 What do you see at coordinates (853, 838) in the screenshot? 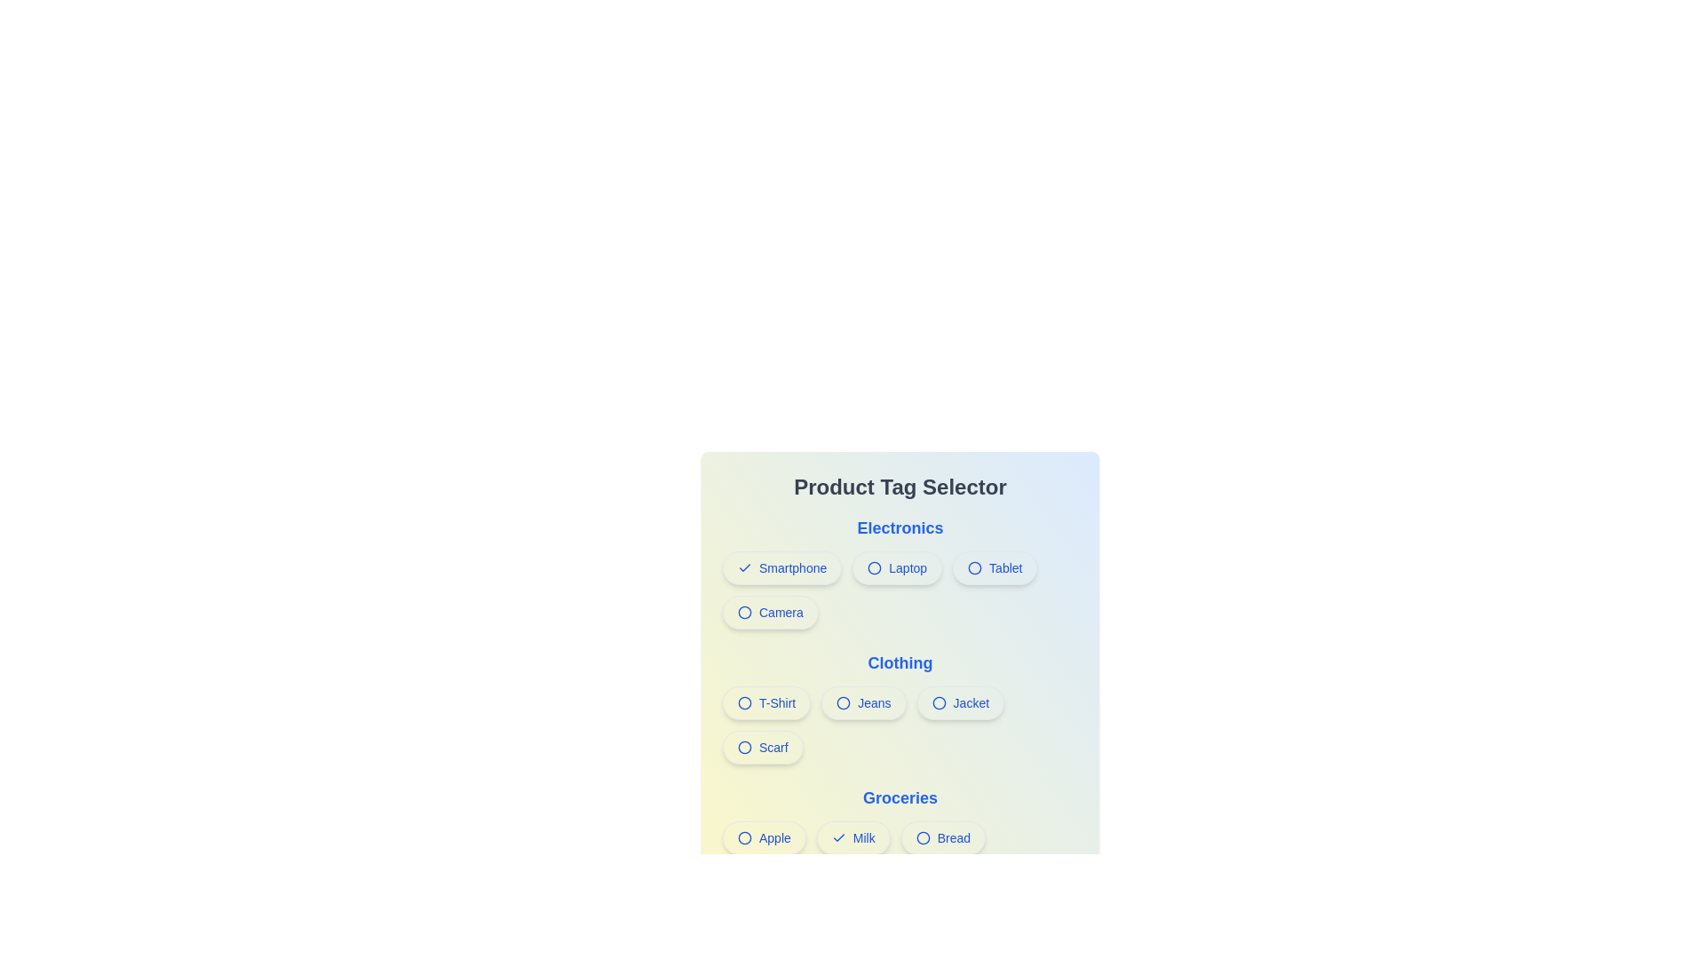
I see `the 'Milk' selectable button with a checkmark icon` at bounding box center [853, 838].